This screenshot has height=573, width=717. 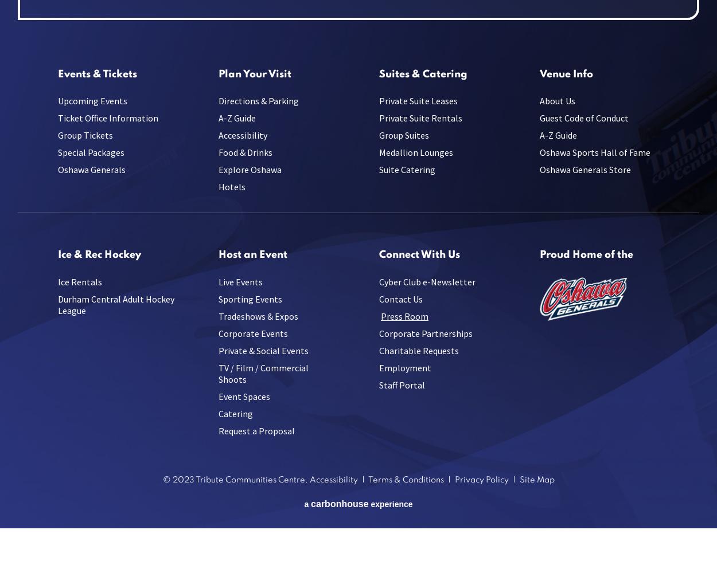 I want to click on 'Tradeshows & Expos', so click(x=258, y=316).